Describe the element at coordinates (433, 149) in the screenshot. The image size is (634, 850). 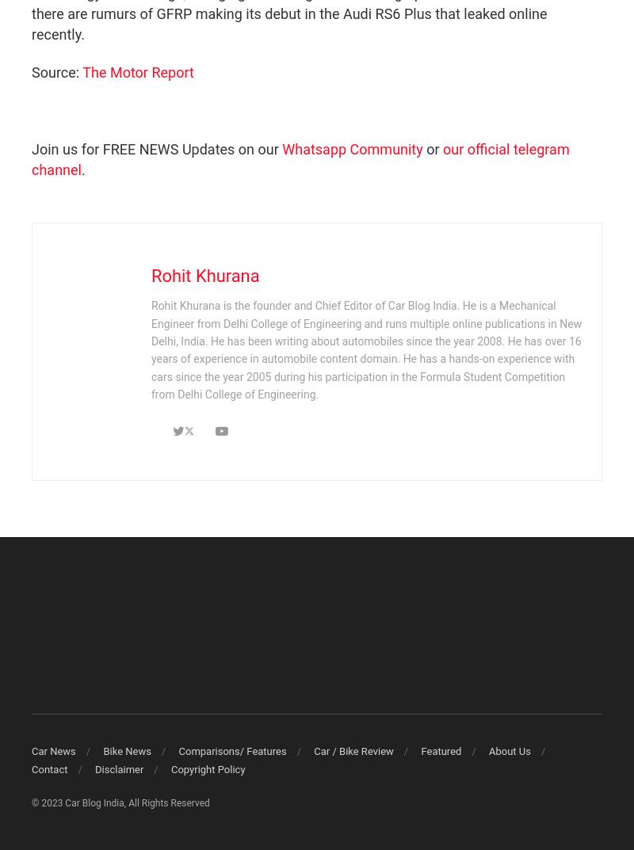
I see `'or'` at that location.